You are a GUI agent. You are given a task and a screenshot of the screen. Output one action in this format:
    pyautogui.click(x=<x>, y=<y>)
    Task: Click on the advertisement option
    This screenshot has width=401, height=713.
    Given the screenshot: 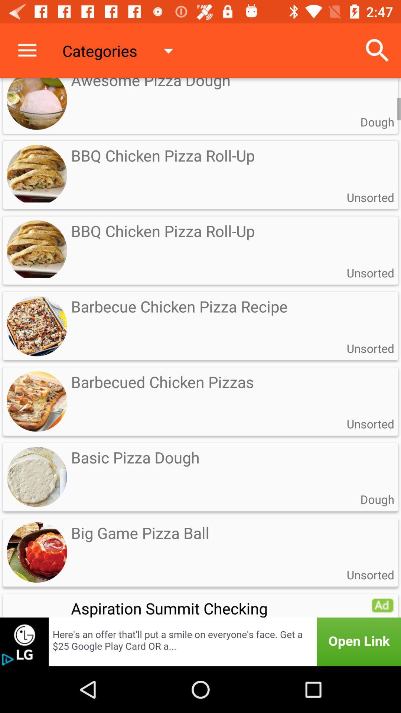 What is the action you would take?
    pyautogui.click(x=382, y=605)
    